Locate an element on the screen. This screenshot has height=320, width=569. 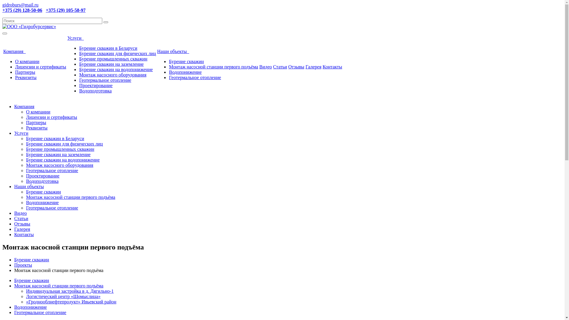
'gidroburs@mail.ru' is located at coordinates (20, 5).